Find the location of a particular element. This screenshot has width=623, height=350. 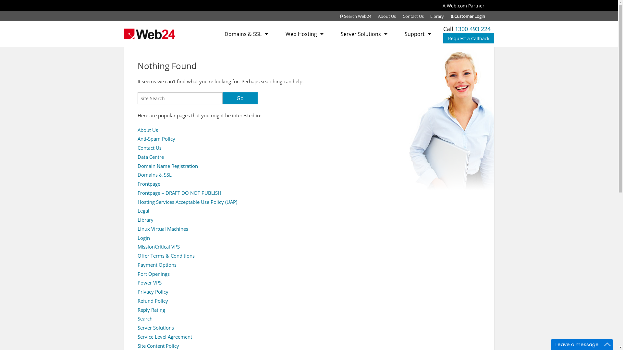

'Domains & SSL' is located at coordinates (246, 34).